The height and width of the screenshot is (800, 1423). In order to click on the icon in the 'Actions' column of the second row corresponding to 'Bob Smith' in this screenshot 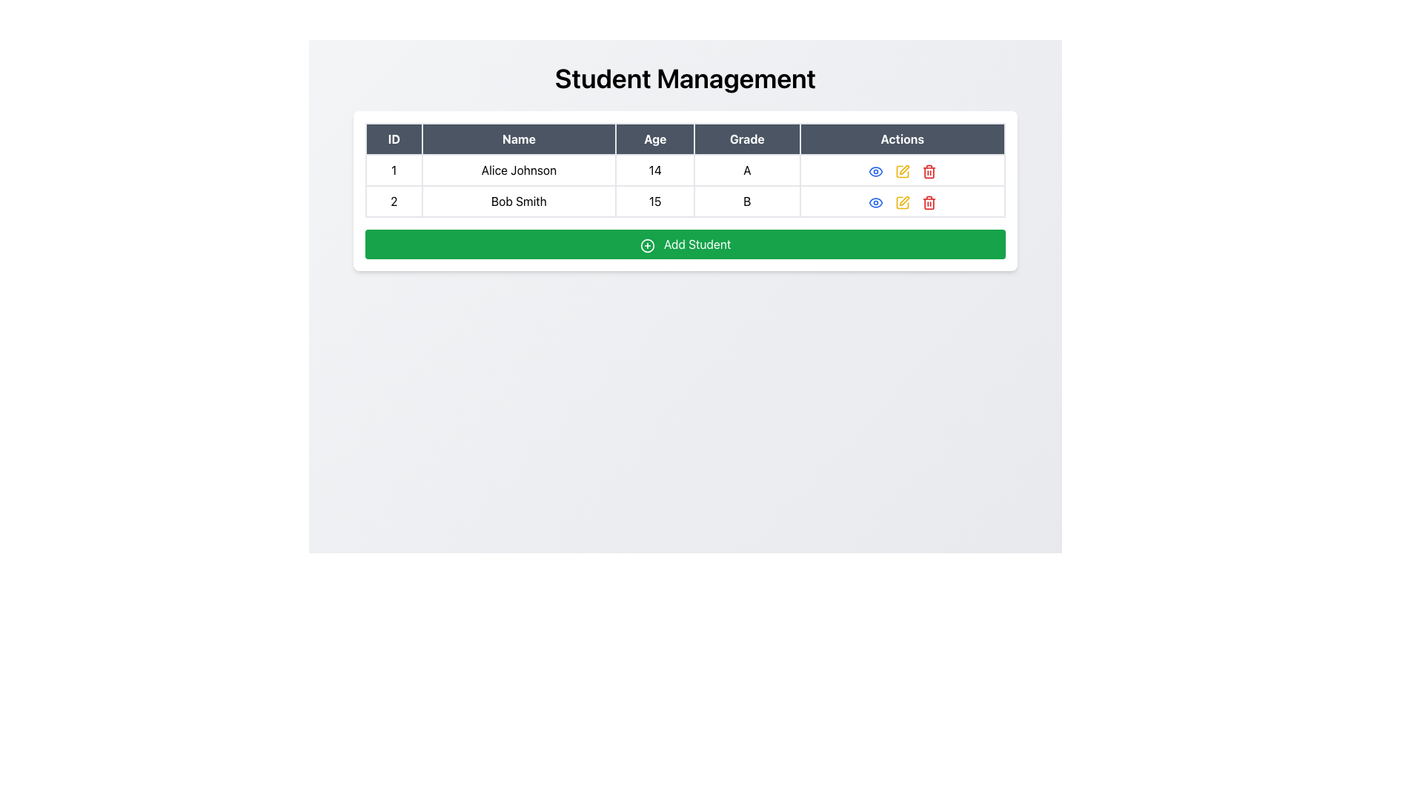, I will do `click(875, 170)`.